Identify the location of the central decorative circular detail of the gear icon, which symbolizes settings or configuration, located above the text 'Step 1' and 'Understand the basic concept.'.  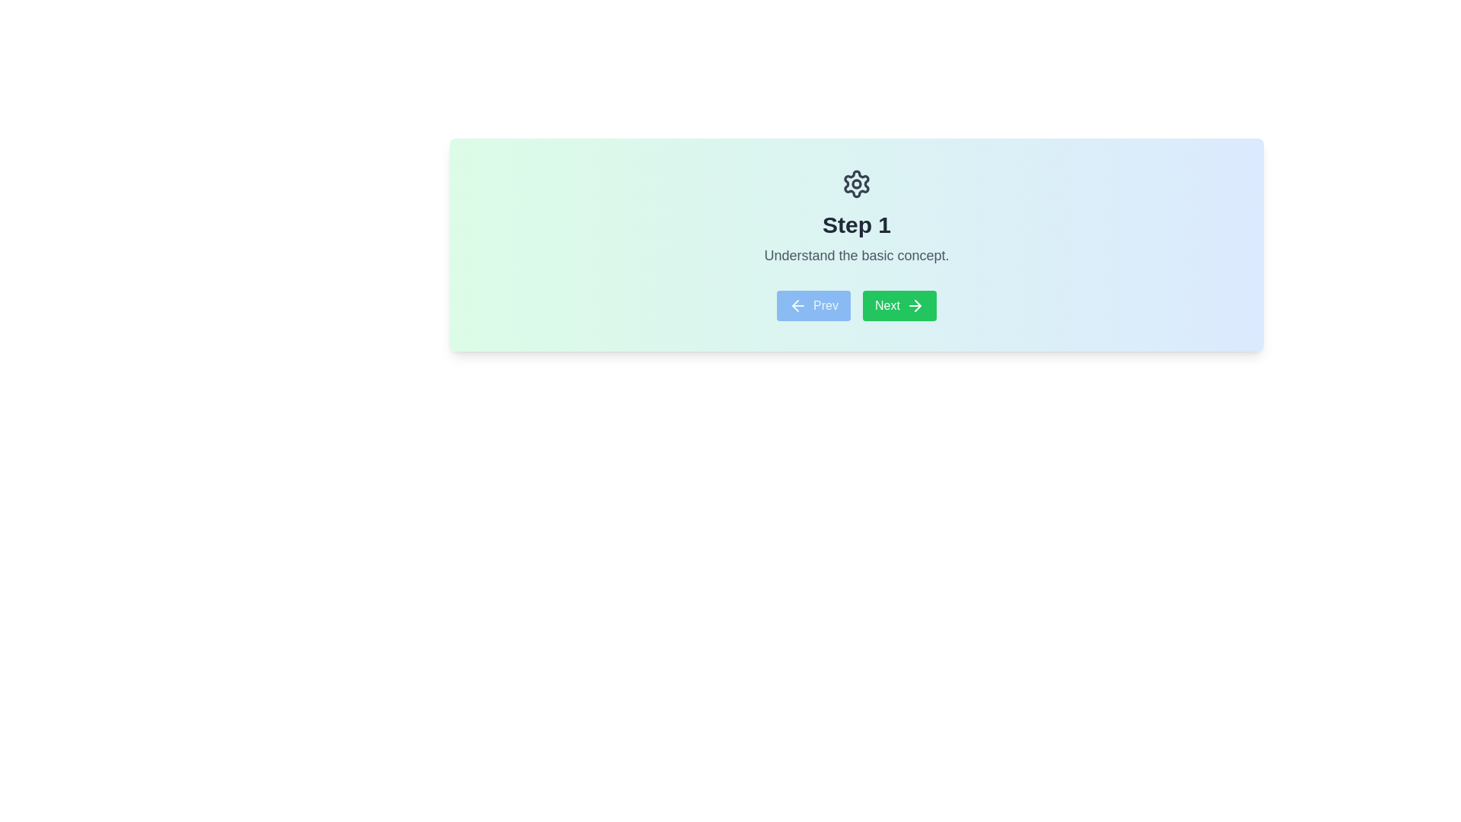
(857, 183).